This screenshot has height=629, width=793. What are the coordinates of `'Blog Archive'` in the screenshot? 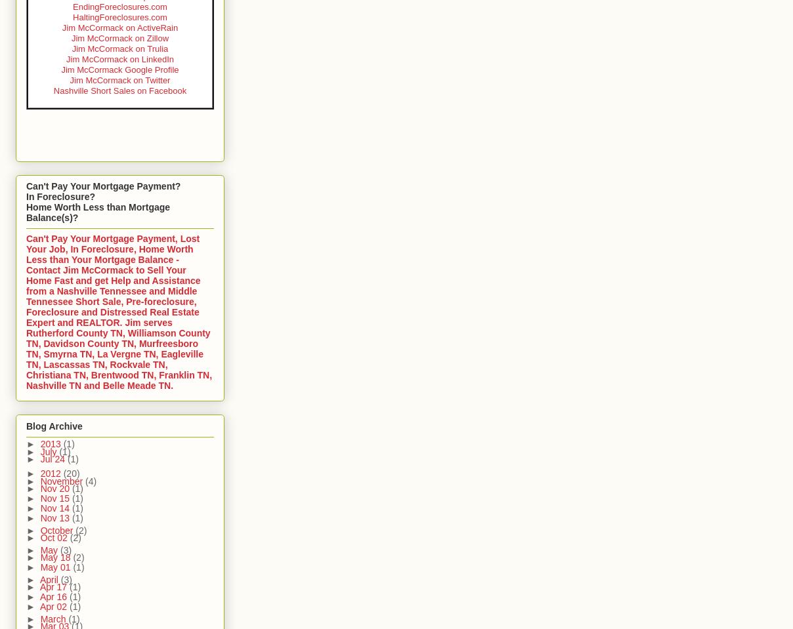 It's located at (53, 425).